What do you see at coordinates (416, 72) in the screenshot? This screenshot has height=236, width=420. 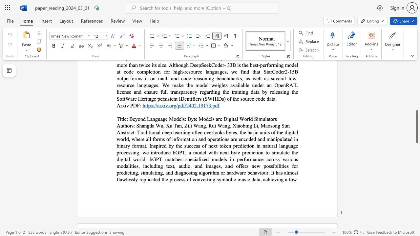 I see `the page's right scrollbar for upward movement` at bounding box center [416, 72].